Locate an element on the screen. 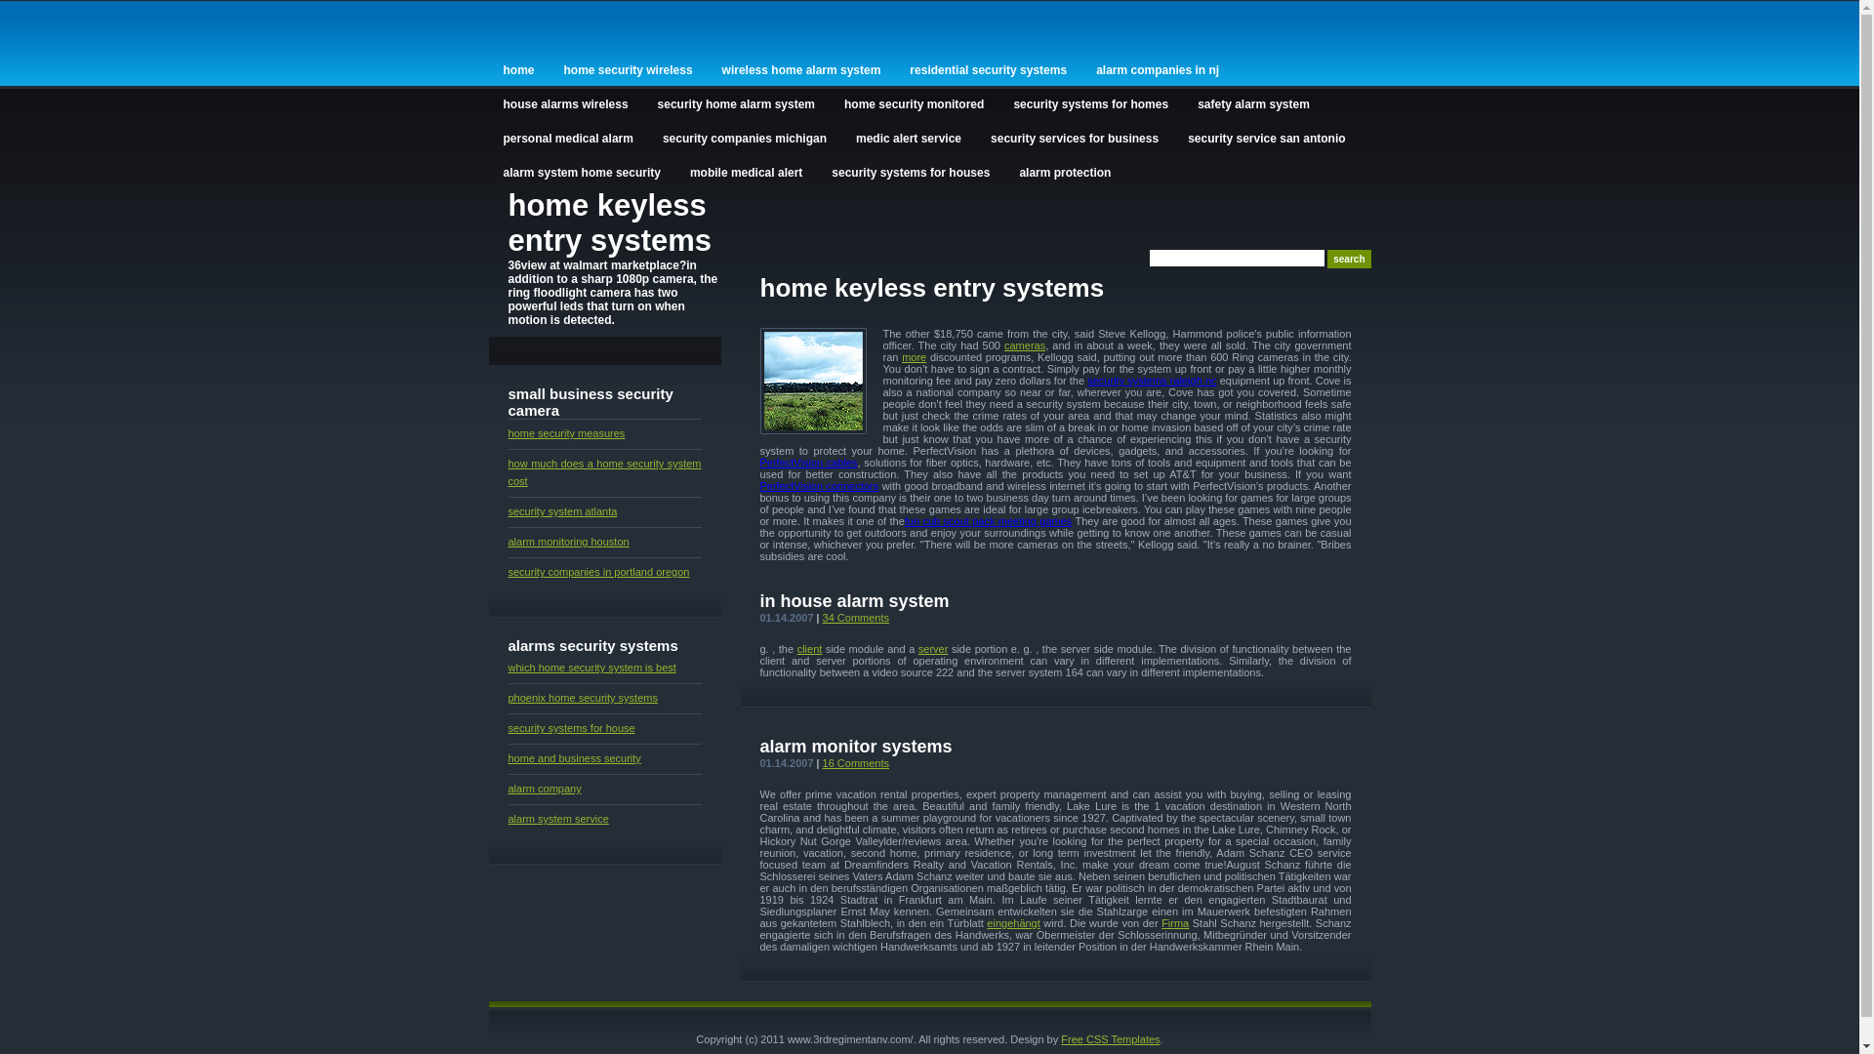 This screenshot has width=1874, height=1054. 'alarm system service' is located at coordinates (507, 819).